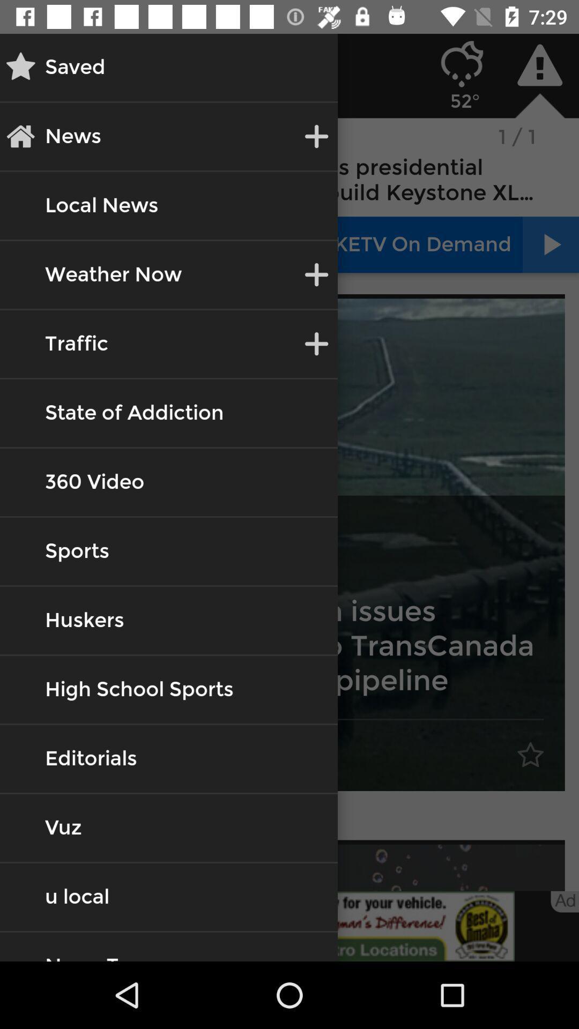 The width and height of the screenshot is (579, 1029). What do you see at coordinates (114, 275) in the screenshot?
I see `text called weather now` at bounding box center [114, 275].